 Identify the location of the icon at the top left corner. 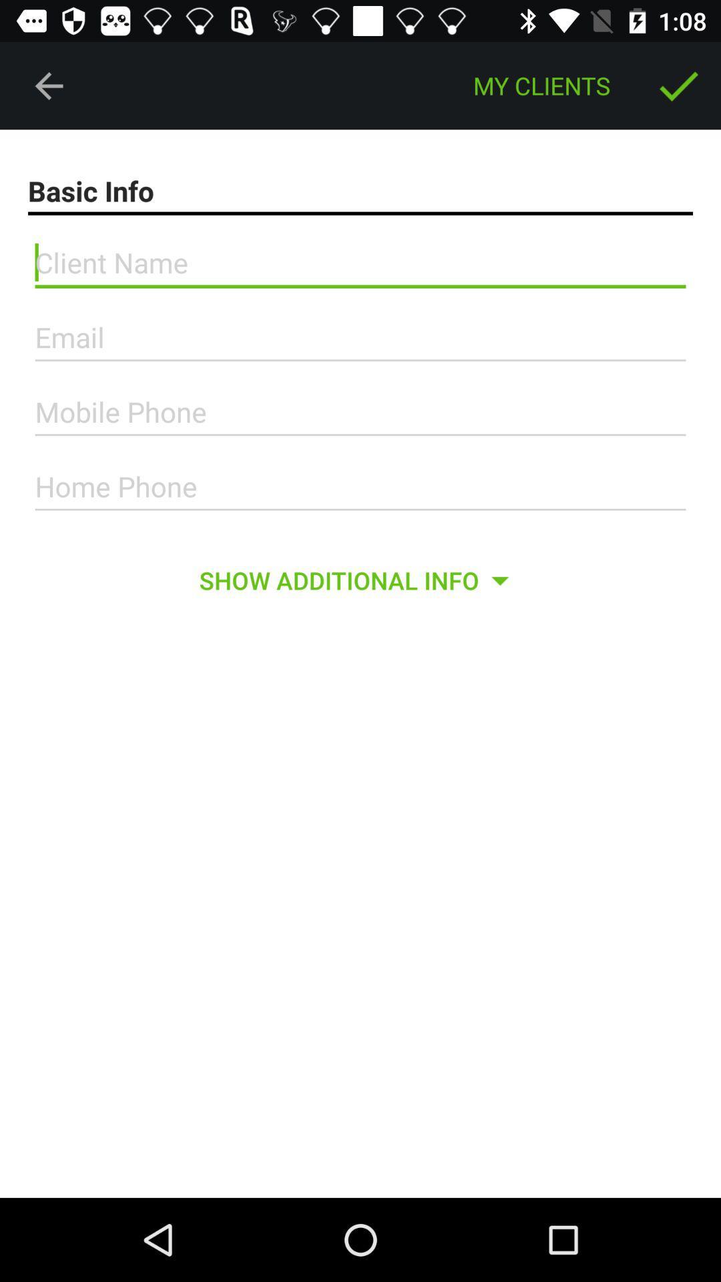
(48, 85).